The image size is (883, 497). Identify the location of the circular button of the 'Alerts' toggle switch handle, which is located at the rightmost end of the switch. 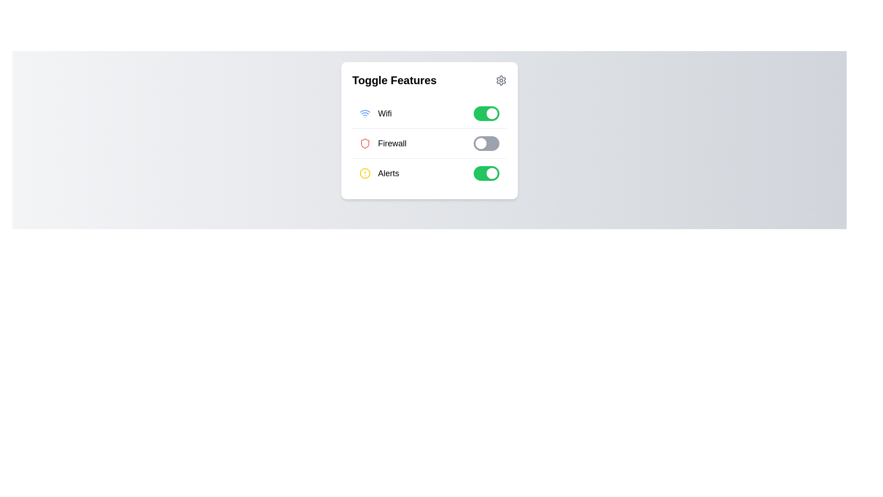
(492, 173).